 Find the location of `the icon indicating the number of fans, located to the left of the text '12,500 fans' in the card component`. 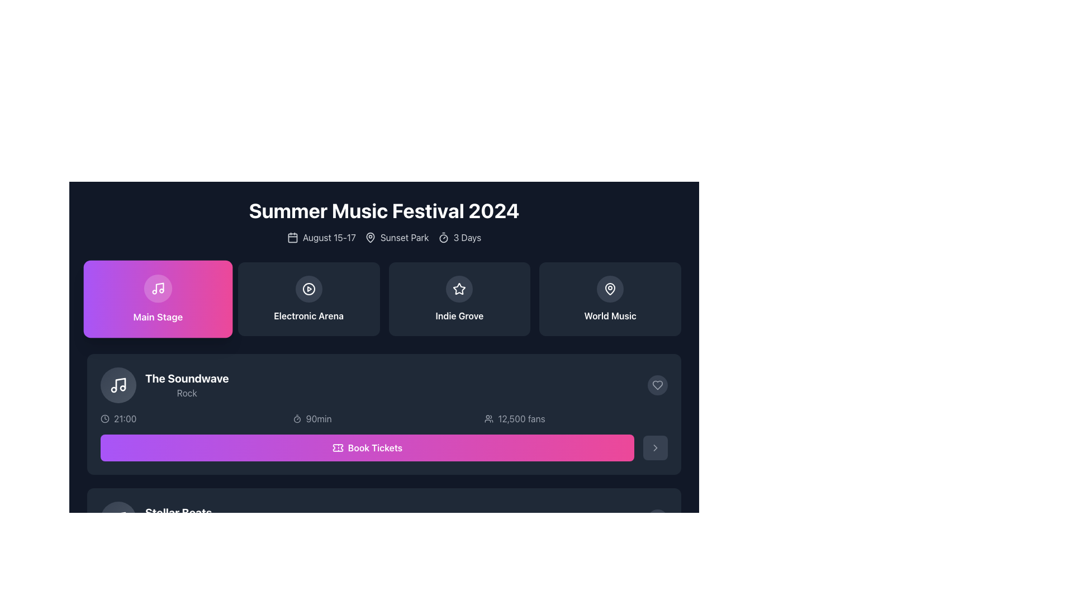

the icon indicating the number of fans, located to the left of the text '12,500 fans' in the card component is located at coordinates (489, 418).